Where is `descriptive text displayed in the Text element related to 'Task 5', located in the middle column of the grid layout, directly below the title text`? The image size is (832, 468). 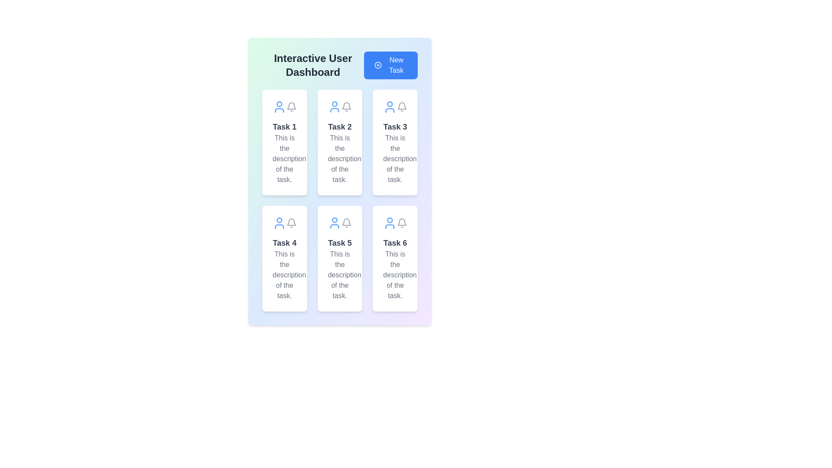
descriptive text displayed in the Text element related to 'Task 5', located in the middle column of the grid layout, directly below the title text is located at coordinates (339, 275).